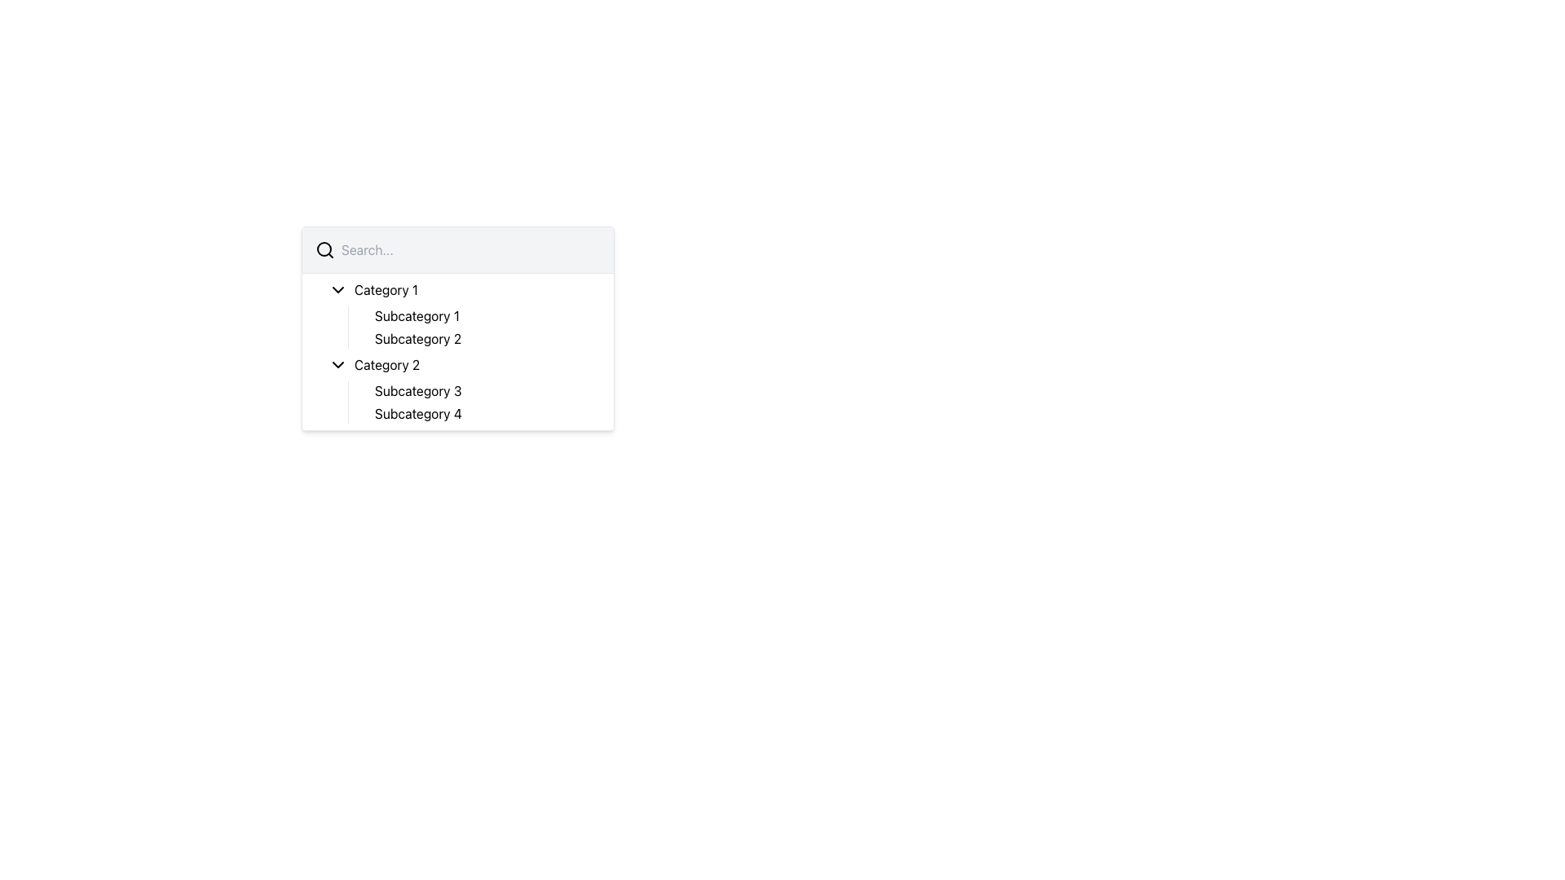 This screenshot has height=880, width=1565. Describe the element at coordinates (464, 288) in the screenshot. I see `the 'Category 1' dropdown toggle` at that location.